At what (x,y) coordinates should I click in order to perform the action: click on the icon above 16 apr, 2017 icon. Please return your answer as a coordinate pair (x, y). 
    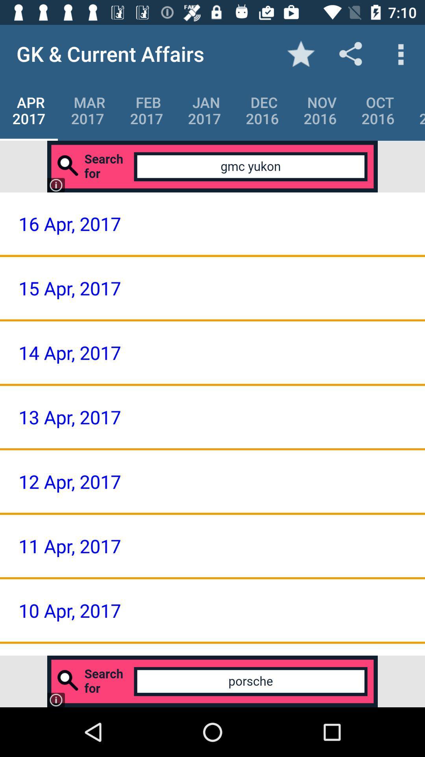
    Looking at the image, I should click on (213, 166).